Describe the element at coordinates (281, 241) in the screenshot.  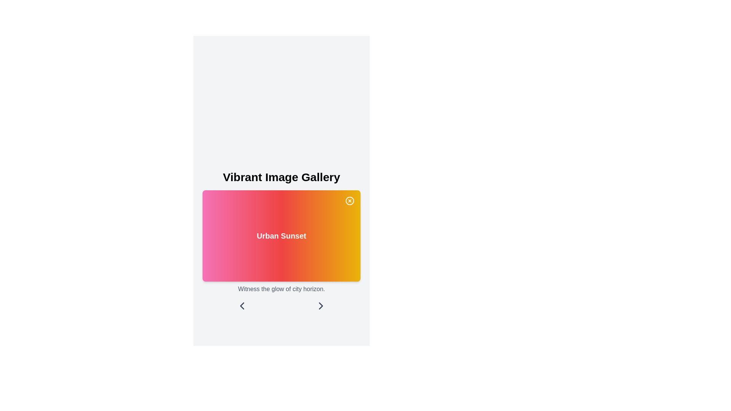
I see `the static text element that serves as the main title for the image card in the gallery section, which is centrally positioned within a gradient-colored rectangular card` at that location.